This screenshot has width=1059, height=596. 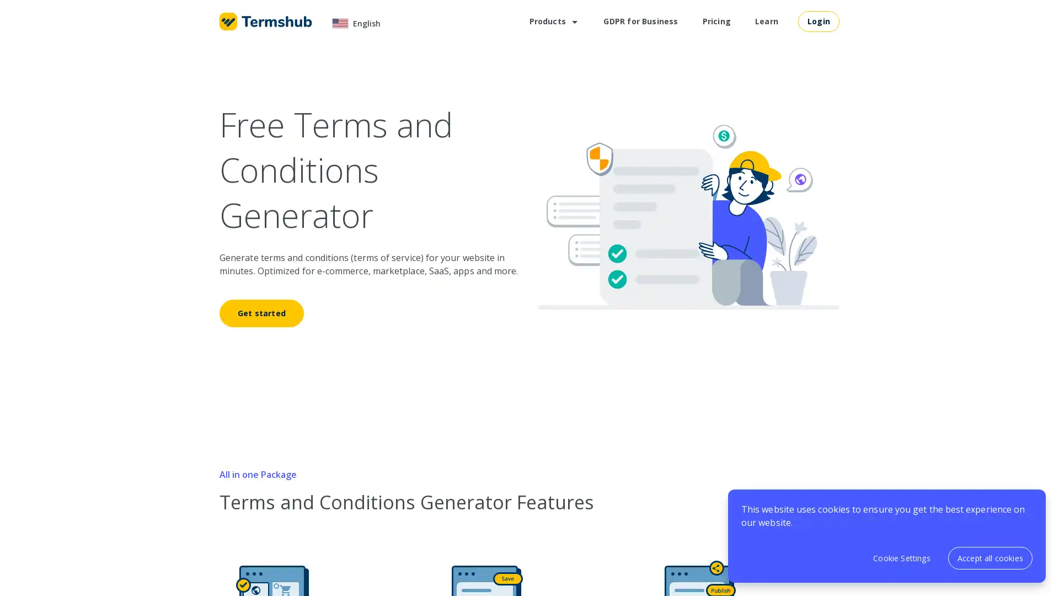 What do you see at coordinates (261, 313) in the screenshot?
I see `Get started` at bounding box center [261, 313].